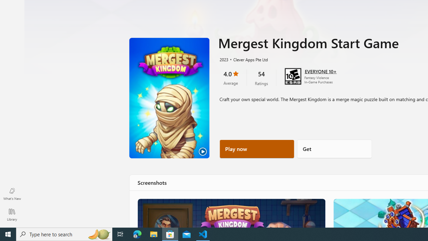 The height and width of the screenshot is (241, 428). What do you see at coordinates (12, 214) in the screenshot?
I see `'Library'` at bounding box center [12, 214].